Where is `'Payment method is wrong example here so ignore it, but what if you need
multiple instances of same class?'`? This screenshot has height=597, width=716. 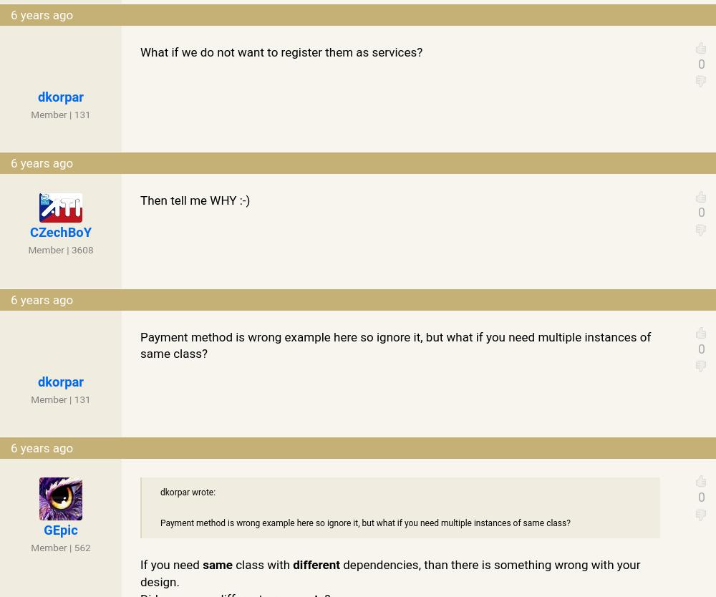 'Payment method is wrong example here so ignore it, but what if you need
multiple instances of same class?' is located at coordinates (395, 344).